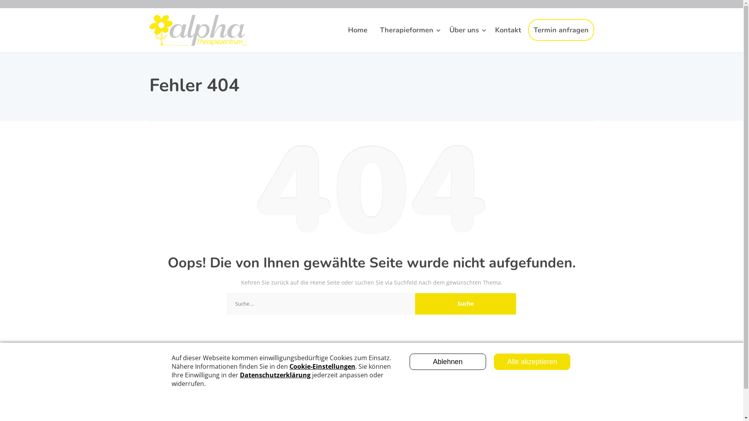 This screenshot has width=749, height=421. Describe the element at coordinates (415, 303) in the screenshot. I see `'Suche'` at that location.